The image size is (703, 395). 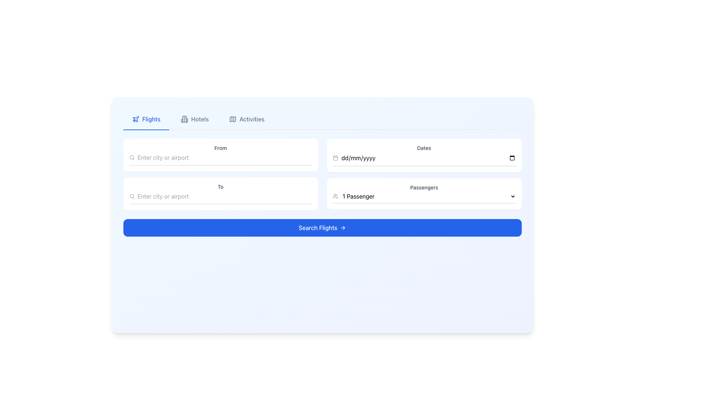 I want to click on the 'Hotels' tab button in the navigation bar, so click(x=195, y=119).